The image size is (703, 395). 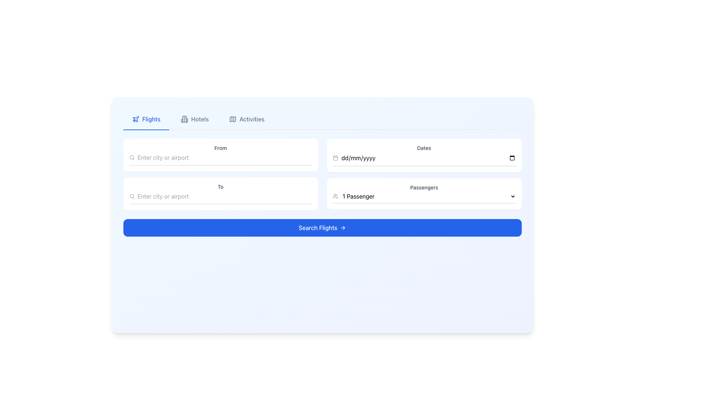 I want to click on the 'Hotels' tab button in the navigation bar, so click(x=195, y=119).